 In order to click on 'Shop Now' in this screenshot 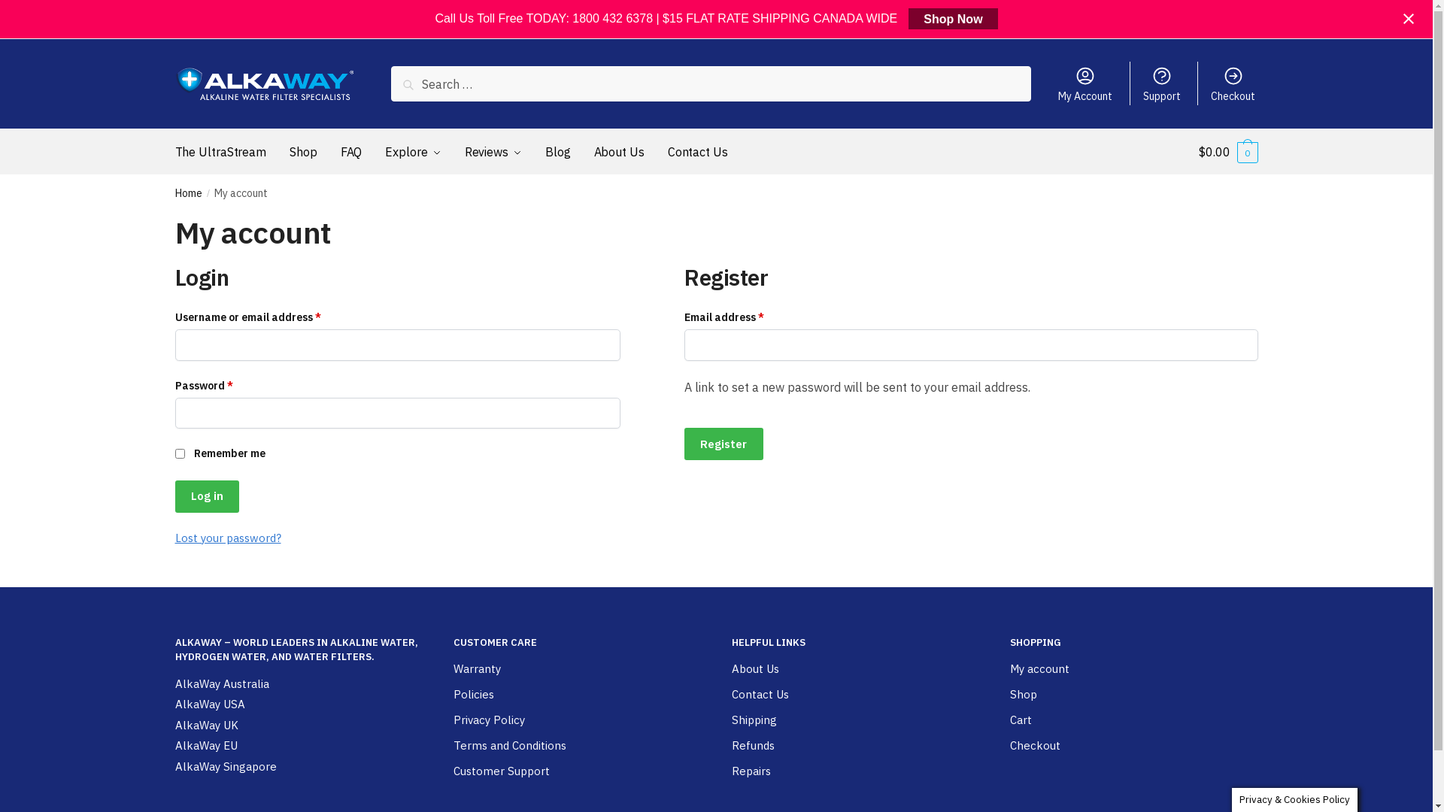, I will do `click(952, 18)`.